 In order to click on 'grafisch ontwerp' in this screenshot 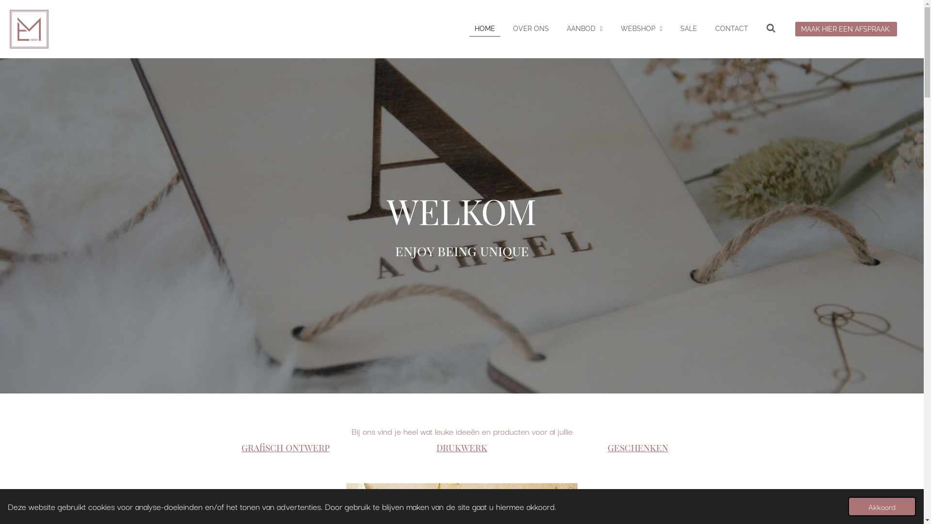, I will do `click(285, 447)`.